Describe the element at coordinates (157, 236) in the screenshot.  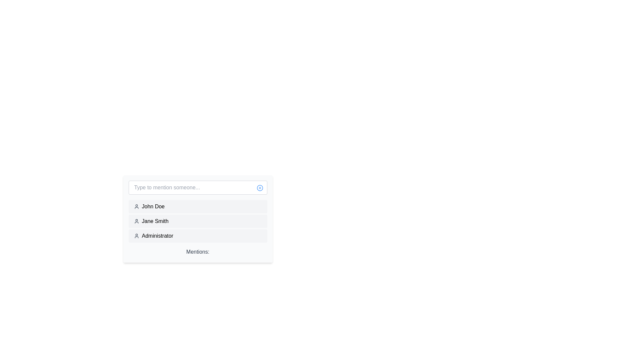
I see `the text label displaying 'Administrator' in bold, dark font, located beside a user icon, which is the third item in a vertically aligned list of user entries` at that location.